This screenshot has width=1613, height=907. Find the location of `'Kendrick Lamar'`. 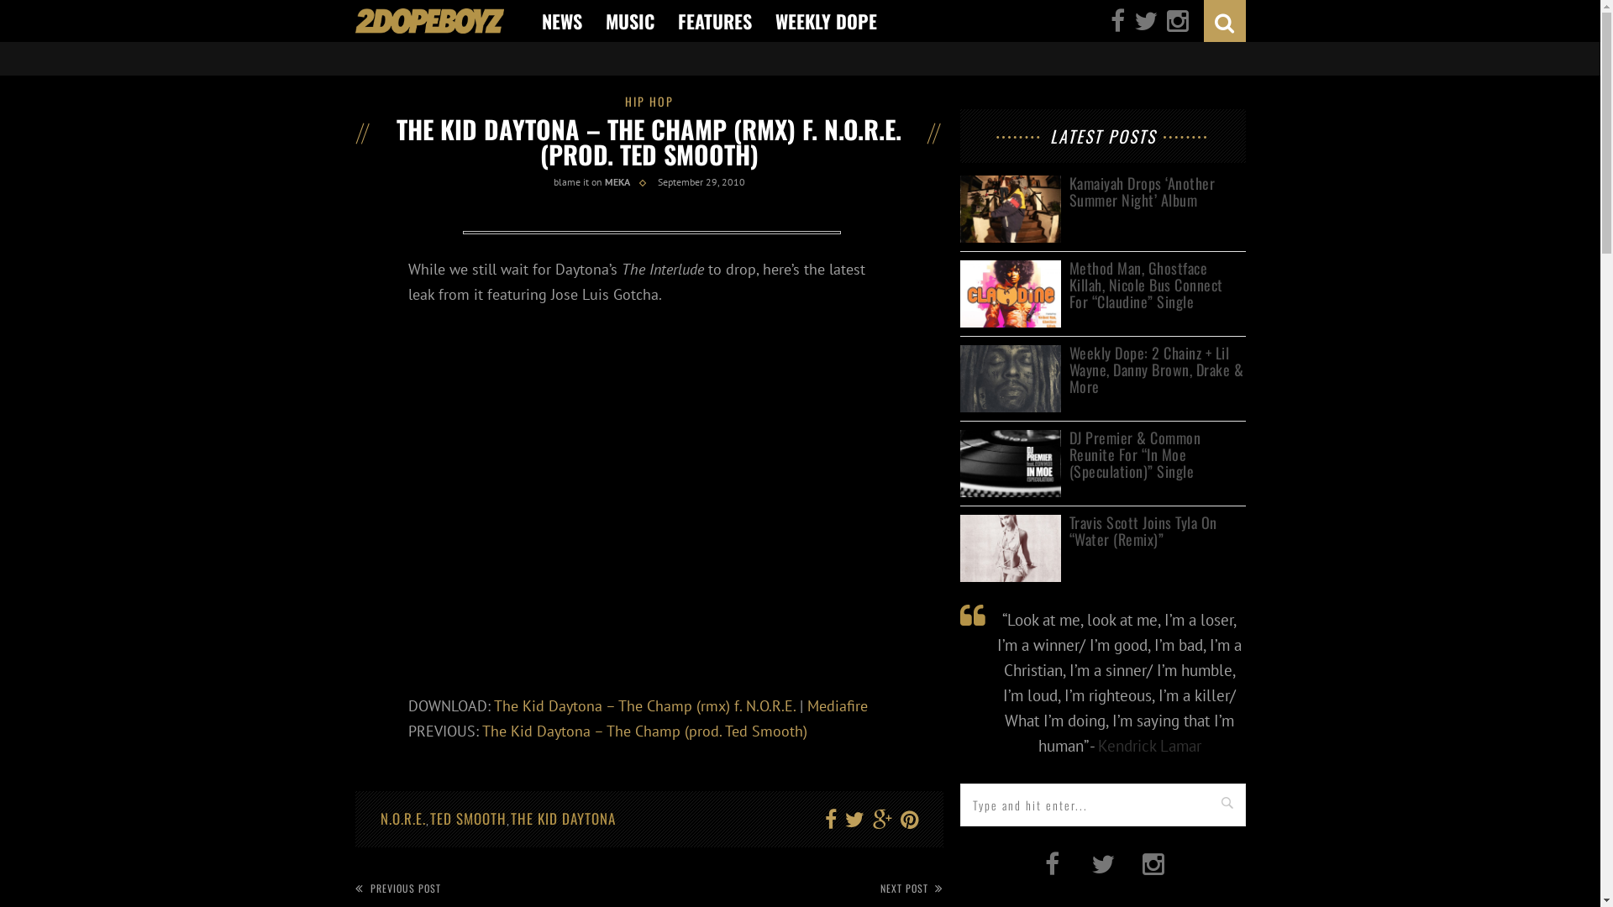

'Kendrick Lamar' is located at coordinates (1096, 744).